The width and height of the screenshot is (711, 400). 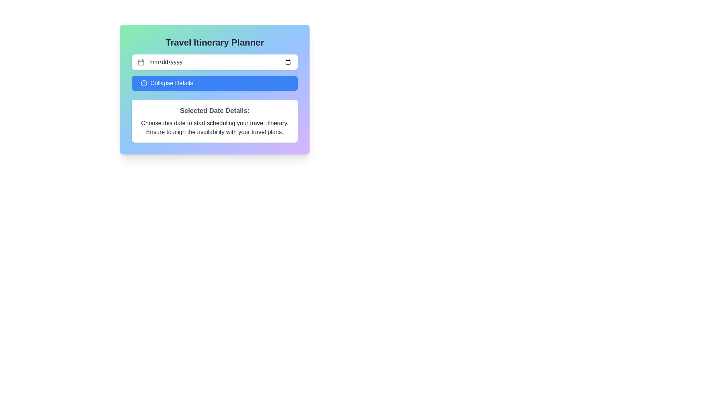 I want to click on the 'Collapse Details' button, which has a blue background and white text, located below the date input field in the travel itinerary card, so click(x=214, y=89).